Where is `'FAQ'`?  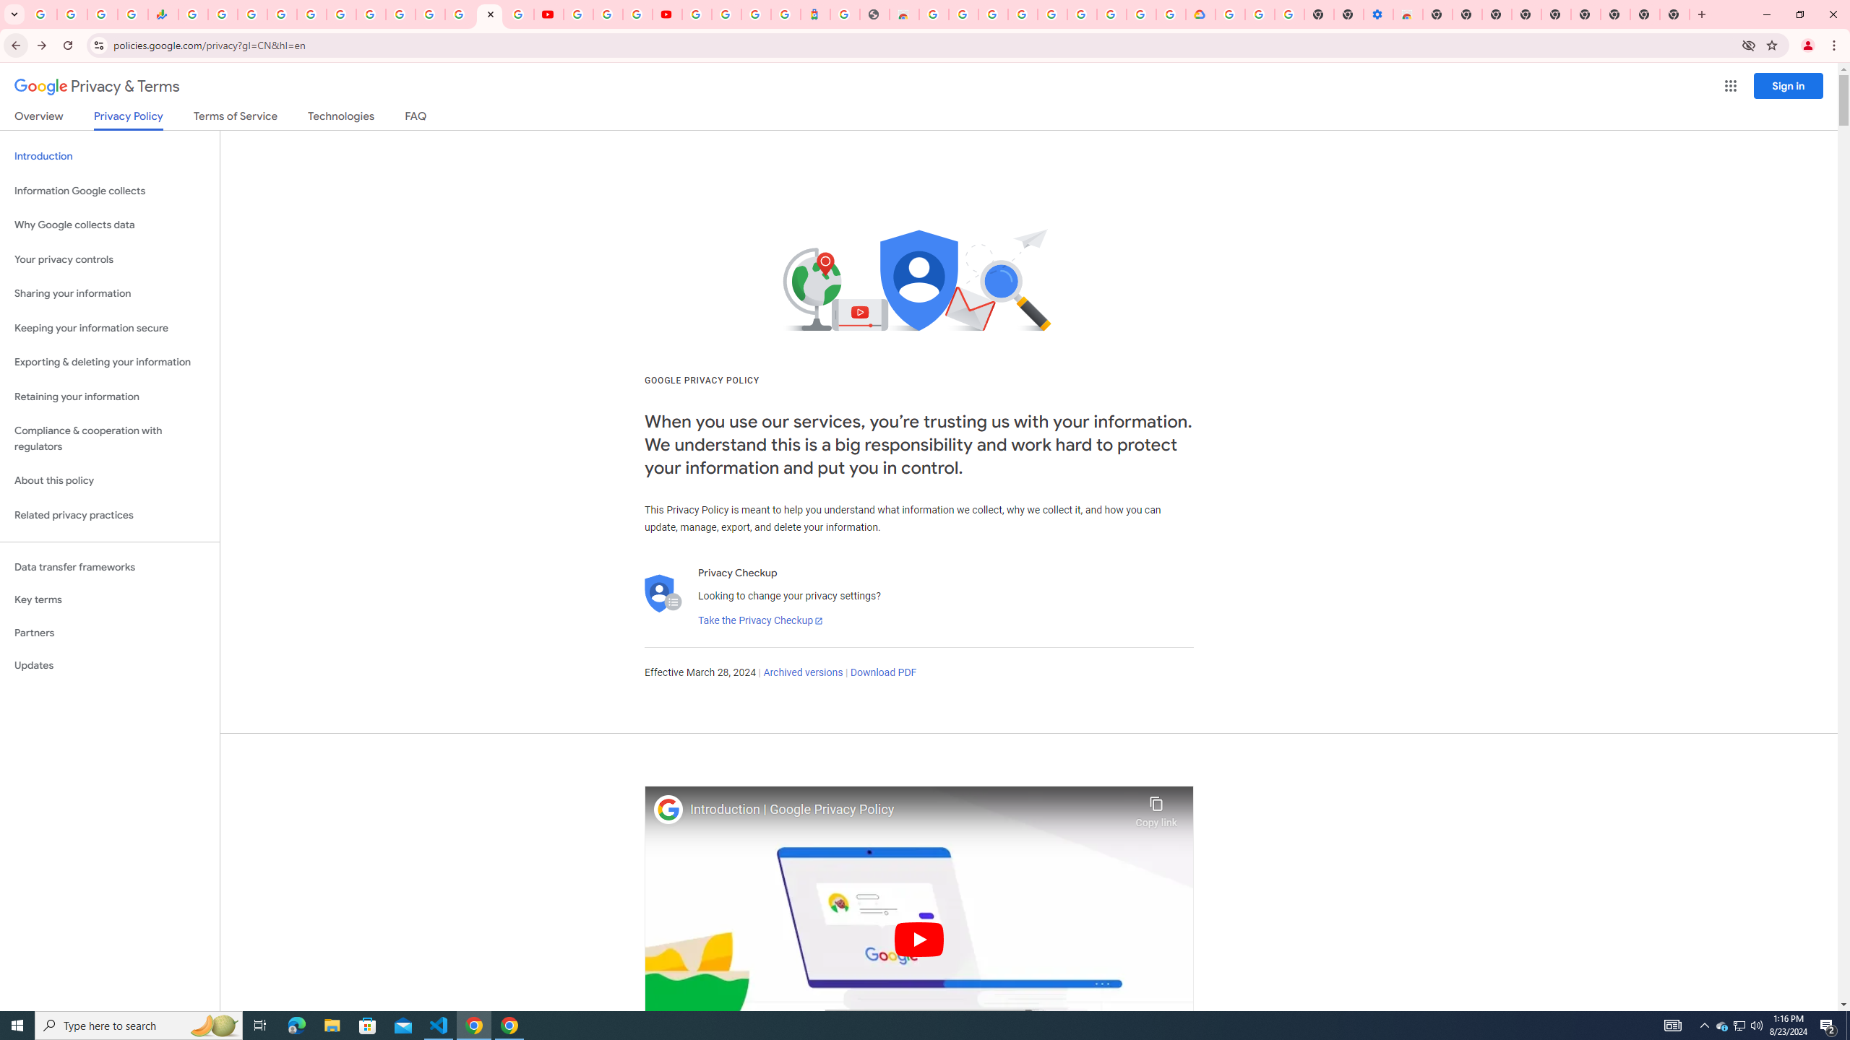 'FAQ' is located at coordinates (416, 118).